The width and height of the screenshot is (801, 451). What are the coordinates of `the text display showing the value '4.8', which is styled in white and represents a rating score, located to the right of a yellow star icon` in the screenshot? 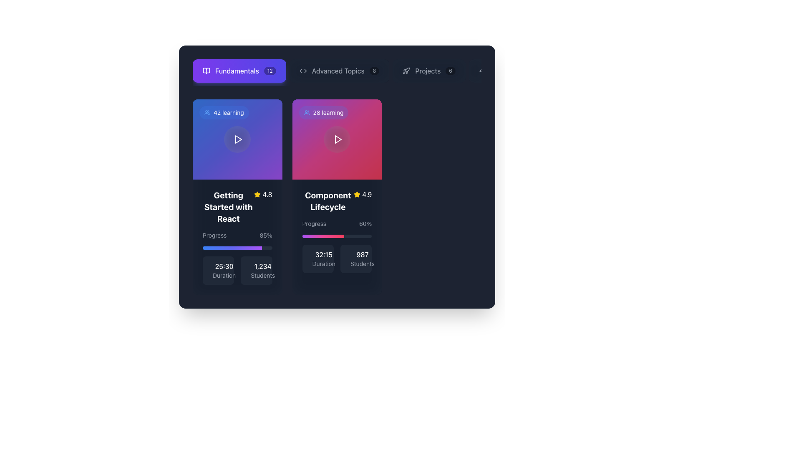 It's located at (267, 195).